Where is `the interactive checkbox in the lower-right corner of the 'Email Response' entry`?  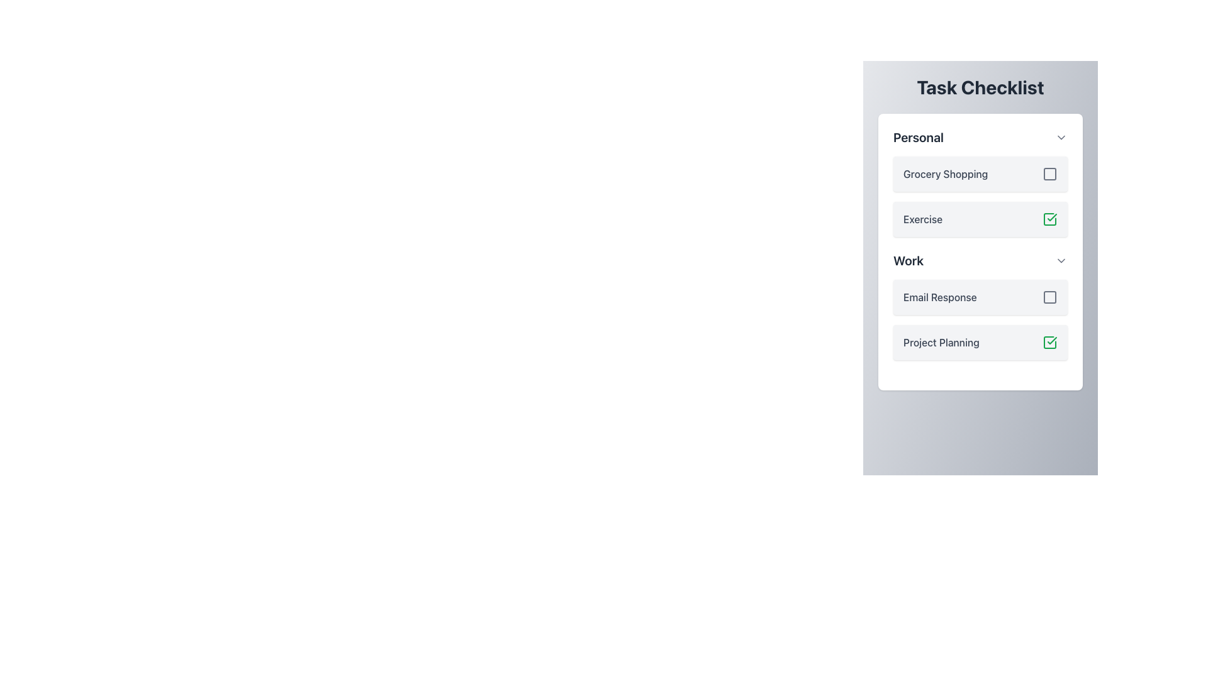 the interactive checkbox in the lower-right corner of the 'Email Response' entry is located at coordinates (1050, 297).